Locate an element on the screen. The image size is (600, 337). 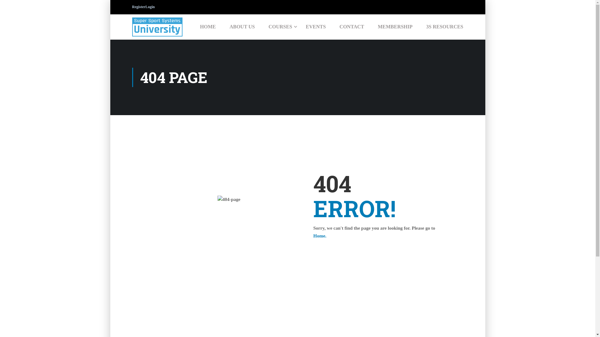
'3S RESOURCES' is located at coordinates (441, 26).